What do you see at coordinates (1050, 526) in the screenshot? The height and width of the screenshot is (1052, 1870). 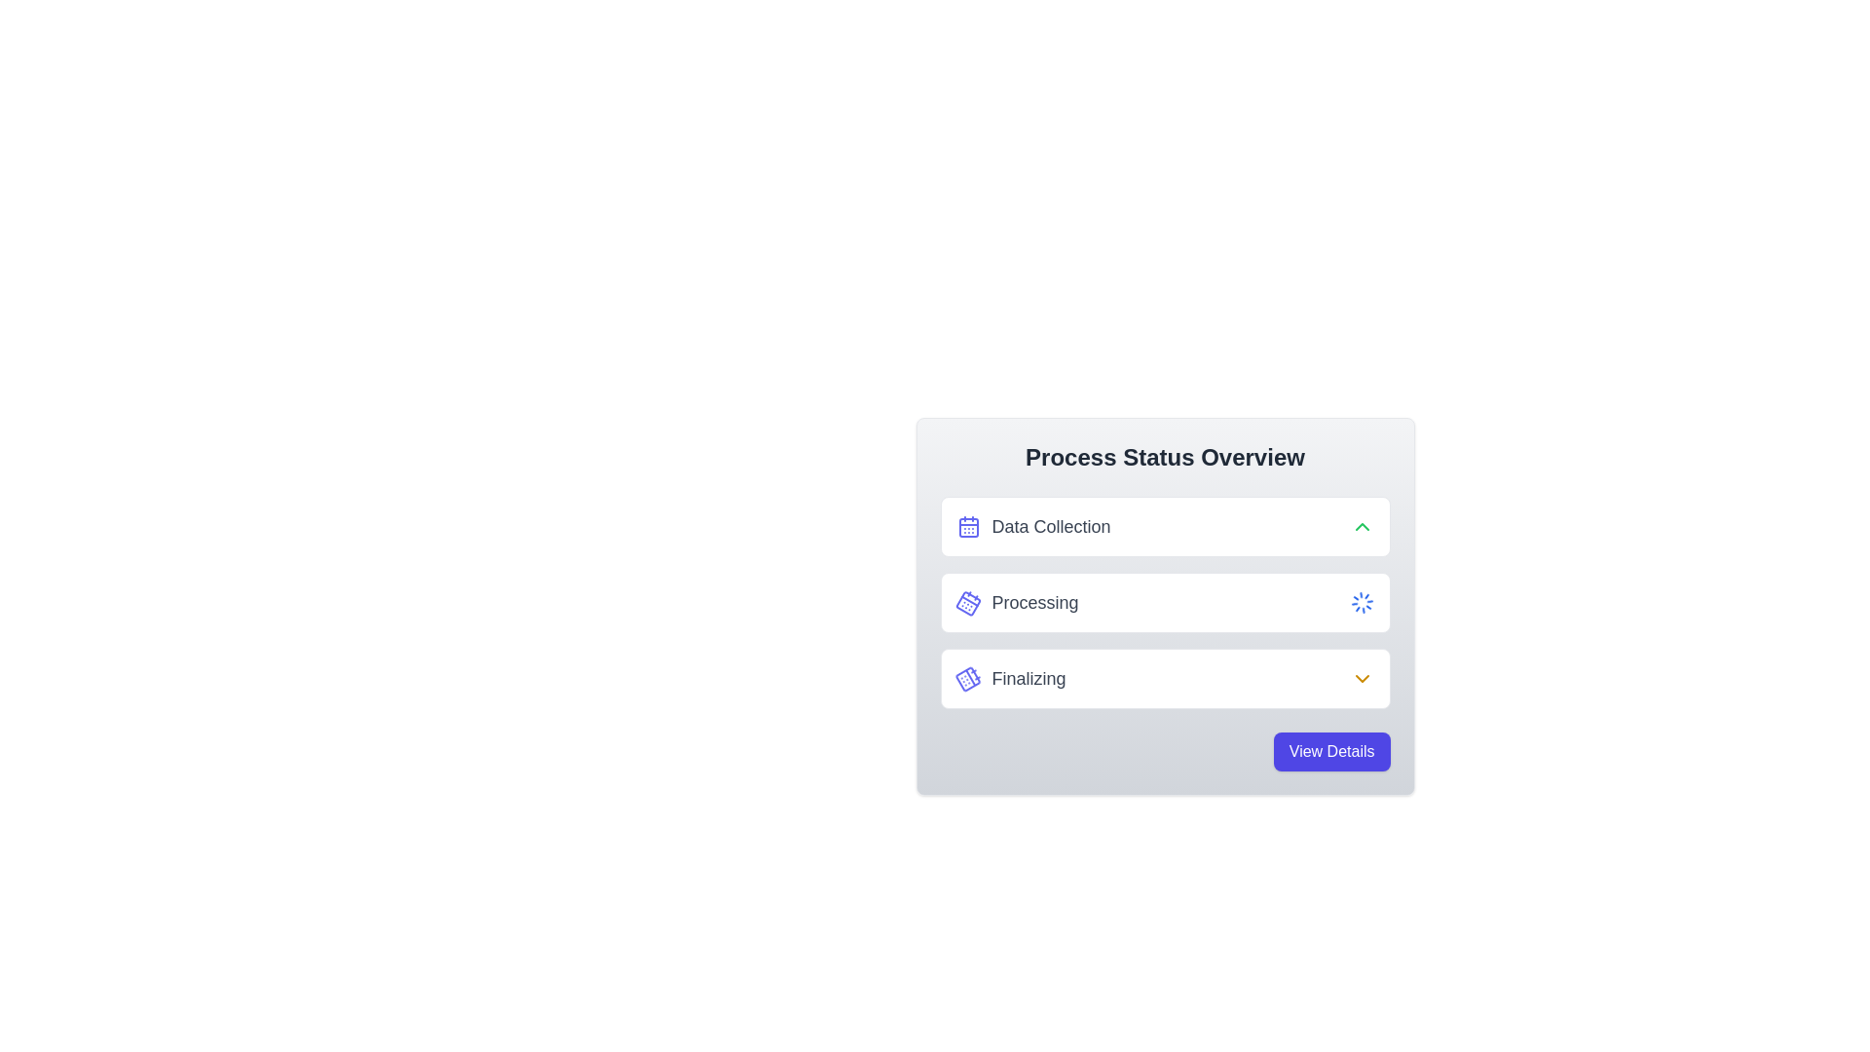 I see `the Text Label that describes the status or category for a process step in the 'Process Status Overview' card, which is horizontally aligned with a calendar icon to the left` at bounding box center [1050, 526].